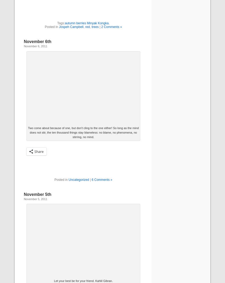 This screenshot has height=283, width=225. I want to click on 'Jospeh Campbell', so click(71, 27).